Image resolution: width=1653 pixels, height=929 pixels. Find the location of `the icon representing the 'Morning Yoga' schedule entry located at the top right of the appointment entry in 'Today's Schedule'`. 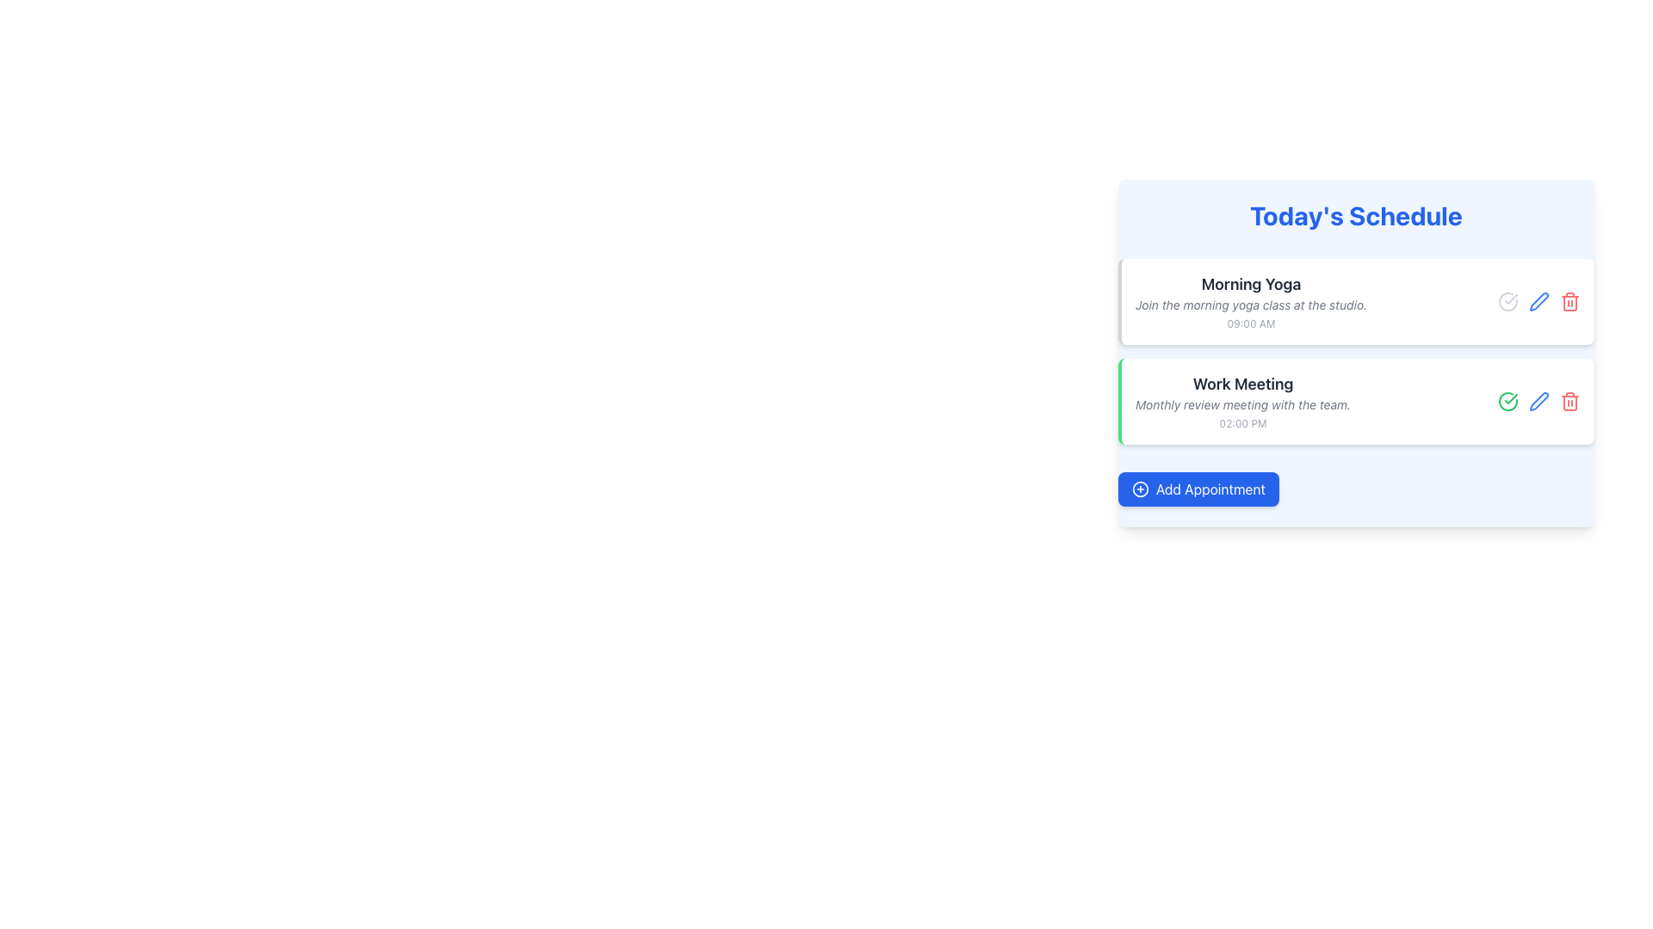

the icon representing the 'Morning Yoga' schedule entry located at the top right of the appointment entry in 'Today's Schedule' is located at coordinates (1508, 301).